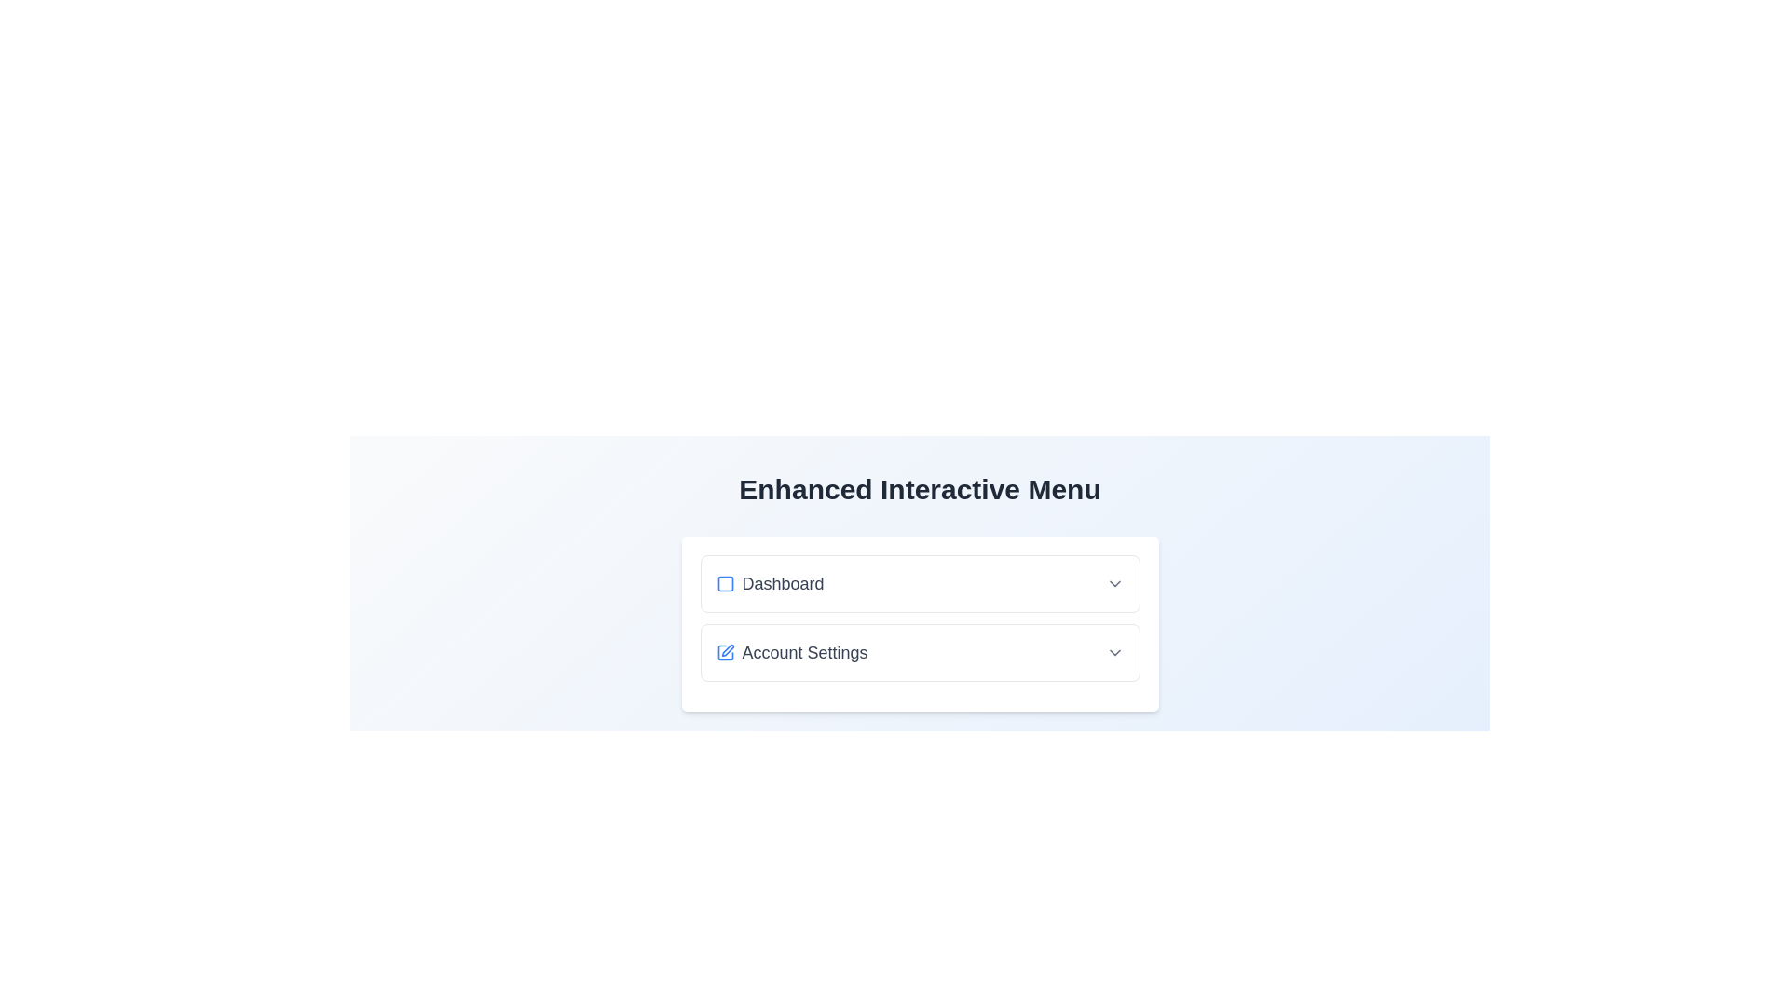 This screenshot has width=1789, height=1006. Describe the element at coordinates (770, 583) in the screenshot. I see `the 'Dashboard' menu item text` at that location.